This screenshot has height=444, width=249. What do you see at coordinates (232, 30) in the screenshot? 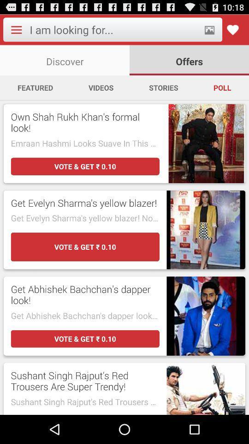
I see `enable favorite` at bounding box center [232, 30].